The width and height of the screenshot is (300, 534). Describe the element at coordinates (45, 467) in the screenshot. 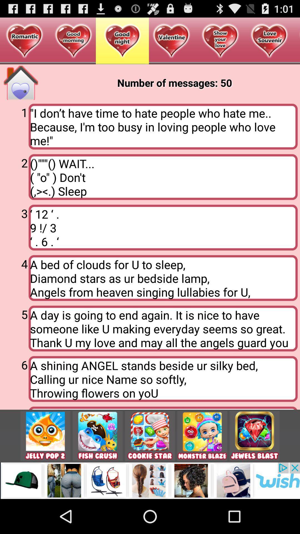

I see `the emoji icon` at that location.